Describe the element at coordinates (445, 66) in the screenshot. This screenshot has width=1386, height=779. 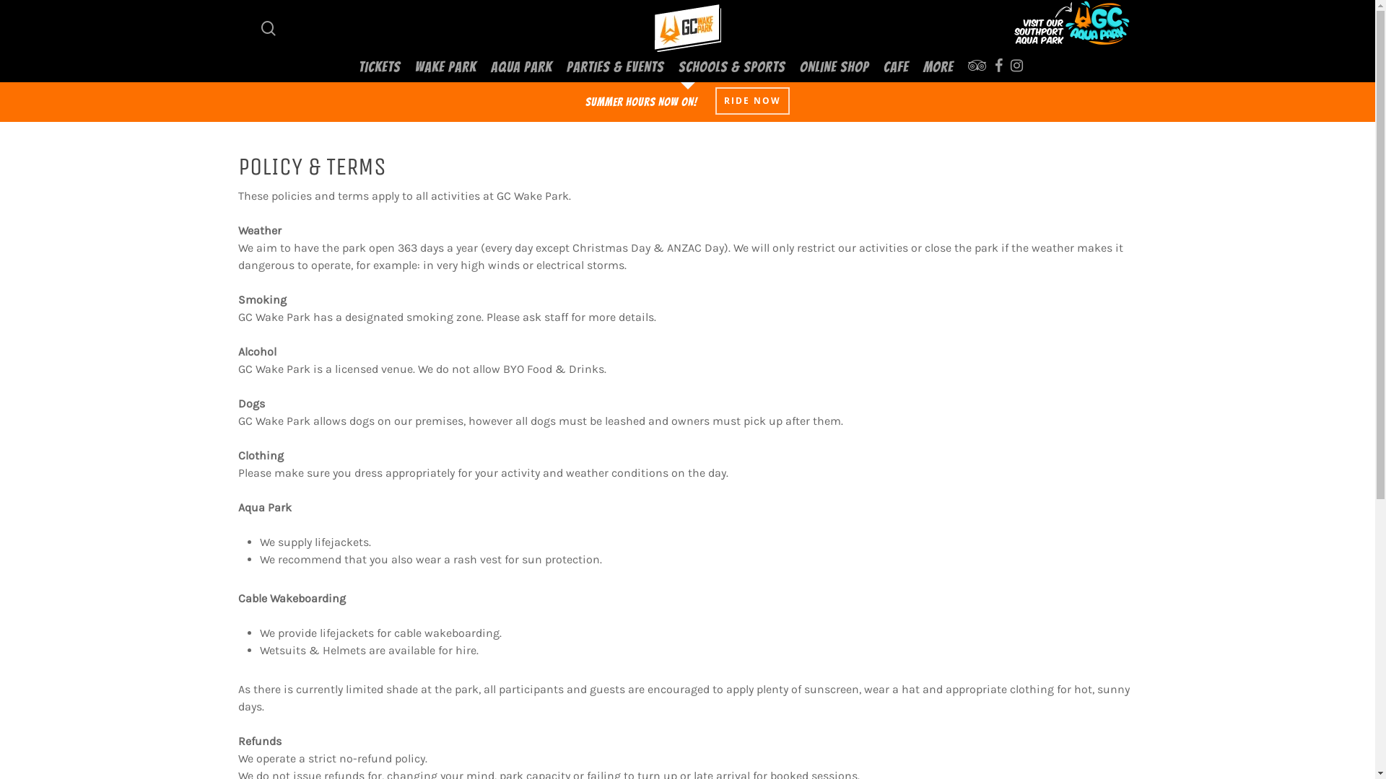
I see `'WAKE PARK'` at that location.